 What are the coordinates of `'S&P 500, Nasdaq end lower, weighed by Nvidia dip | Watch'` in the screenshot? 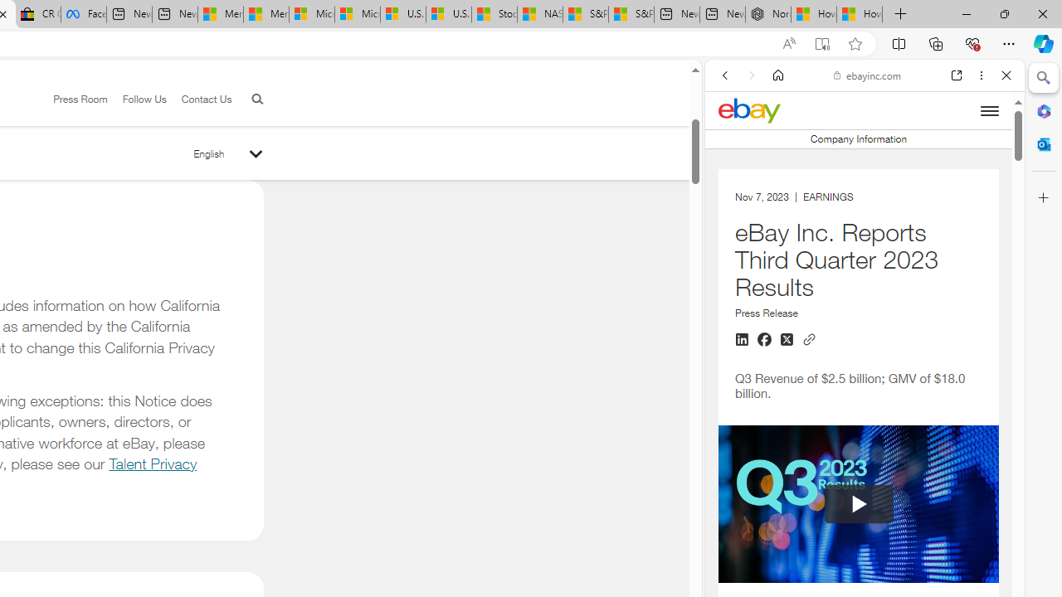 It's located at (630, 14).